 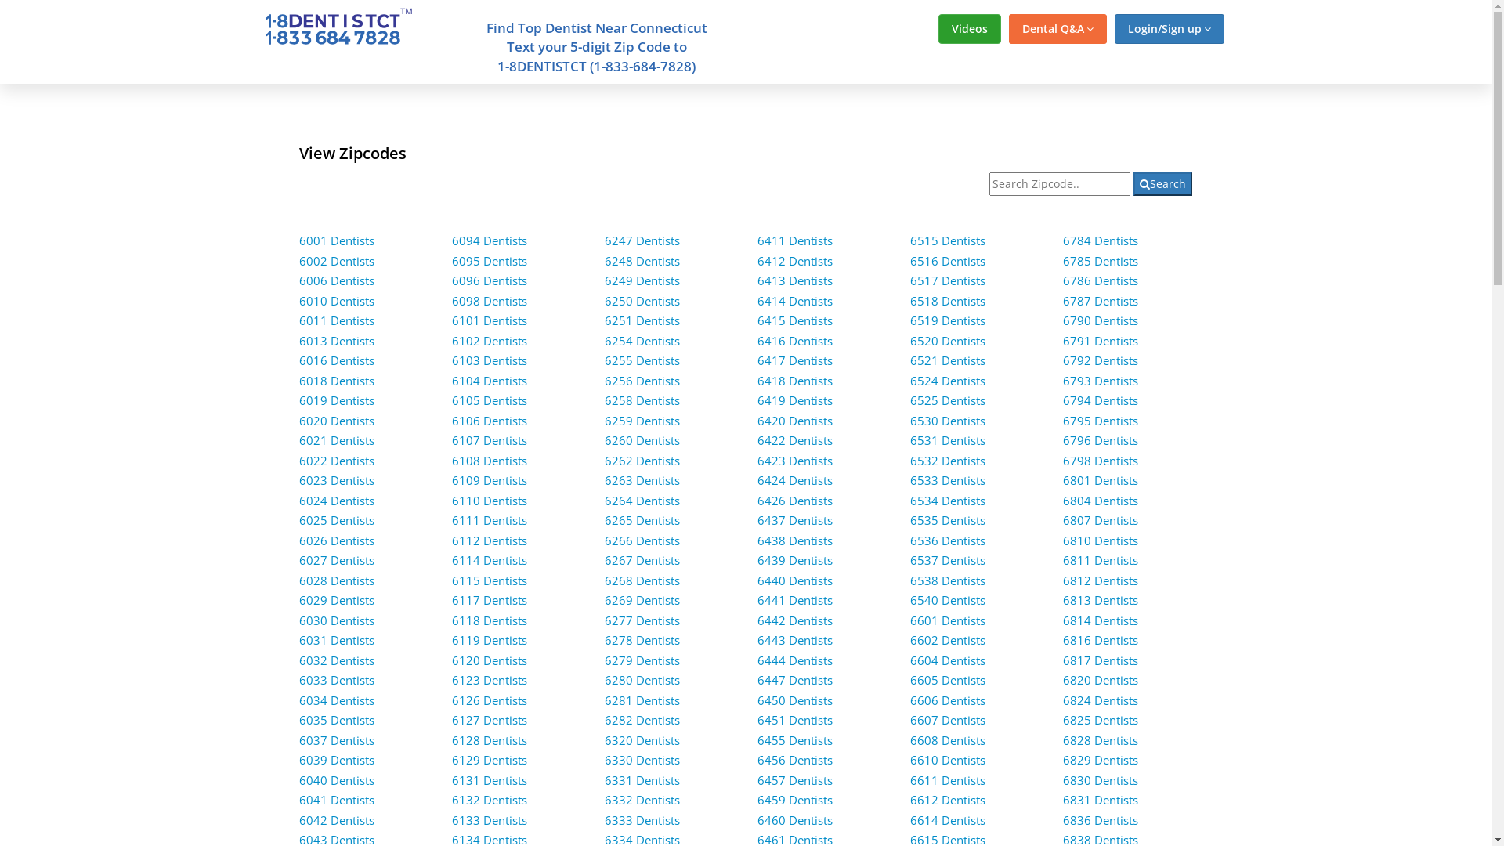 I want to click on '6033 Dentists', so click(x=299, y=678).